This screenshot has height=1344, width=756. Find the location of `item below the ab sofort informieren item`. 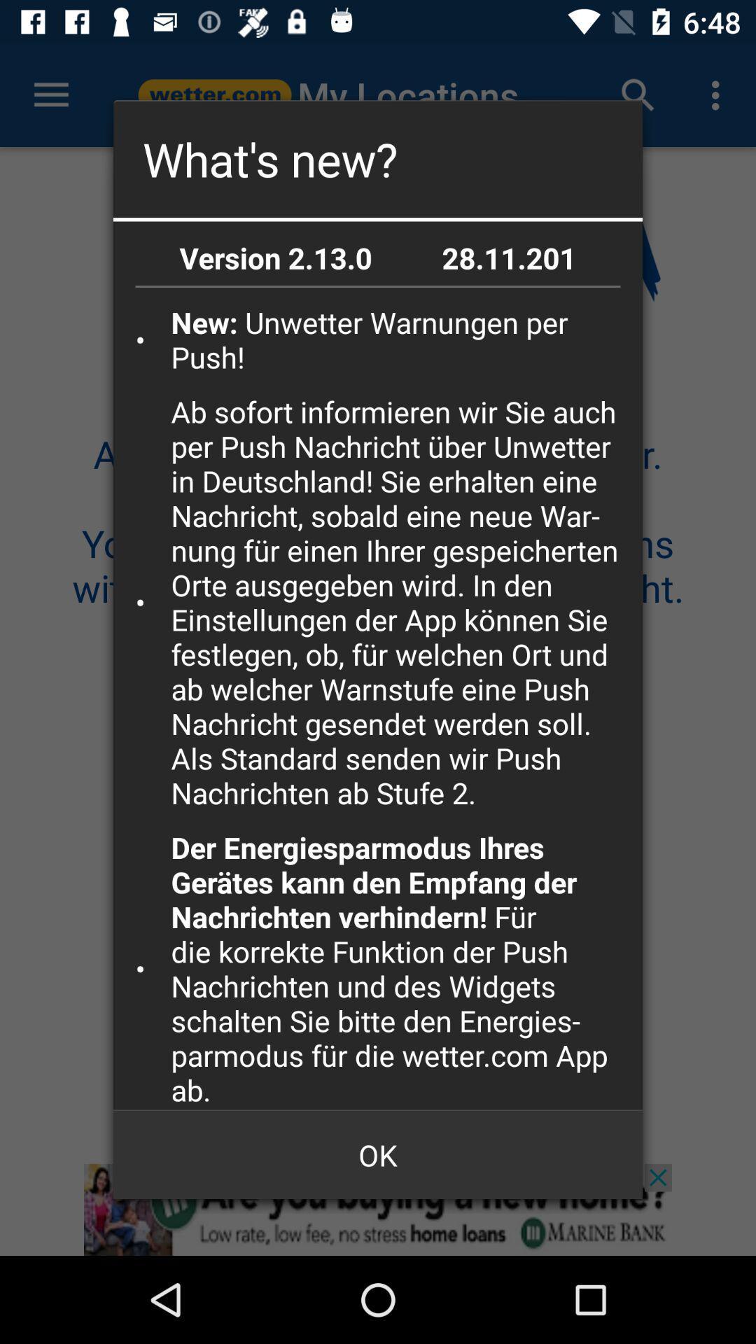

item below the ab sofort informieren item is located at coordinates (402, 967).